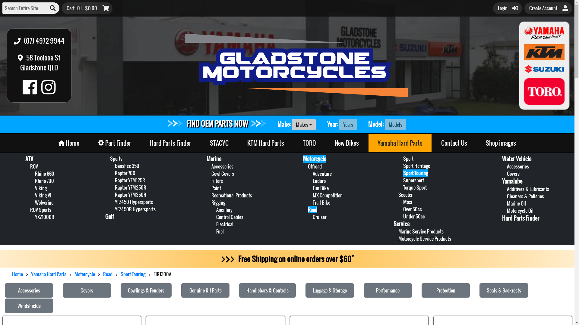  Describe the element at coordinates (105, 217) in the screenshot. I see `'Golf'` at that location.